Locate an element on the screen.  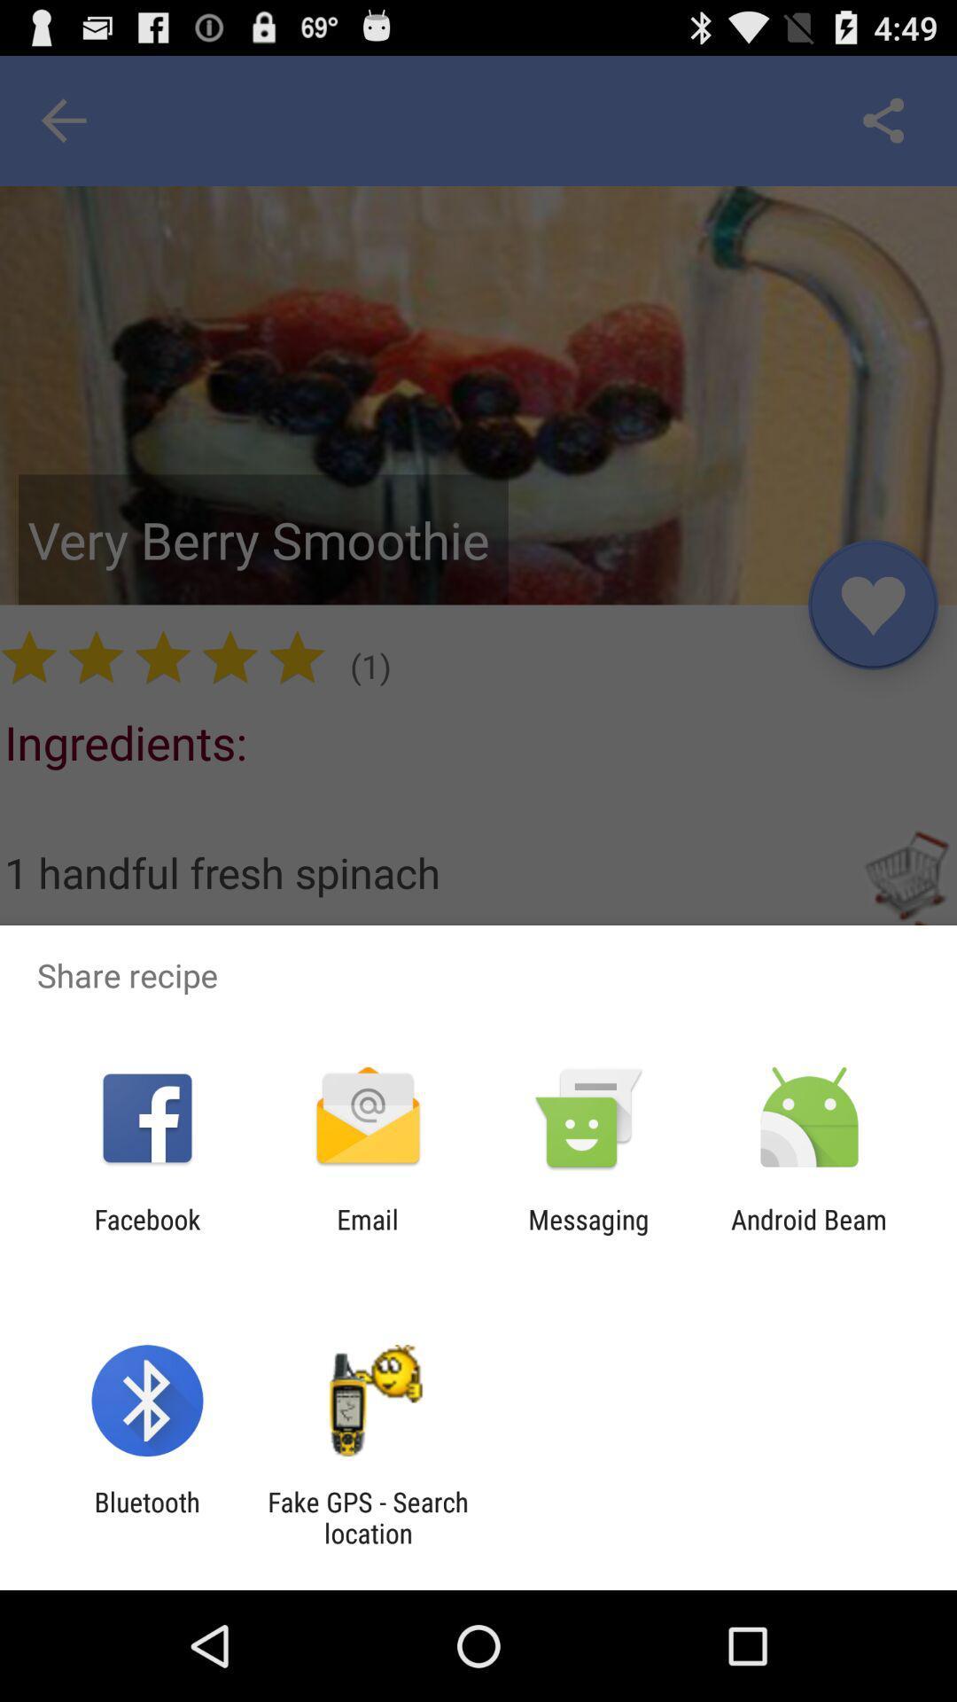
the app to the right of email is located at coordinates (588, 1234).